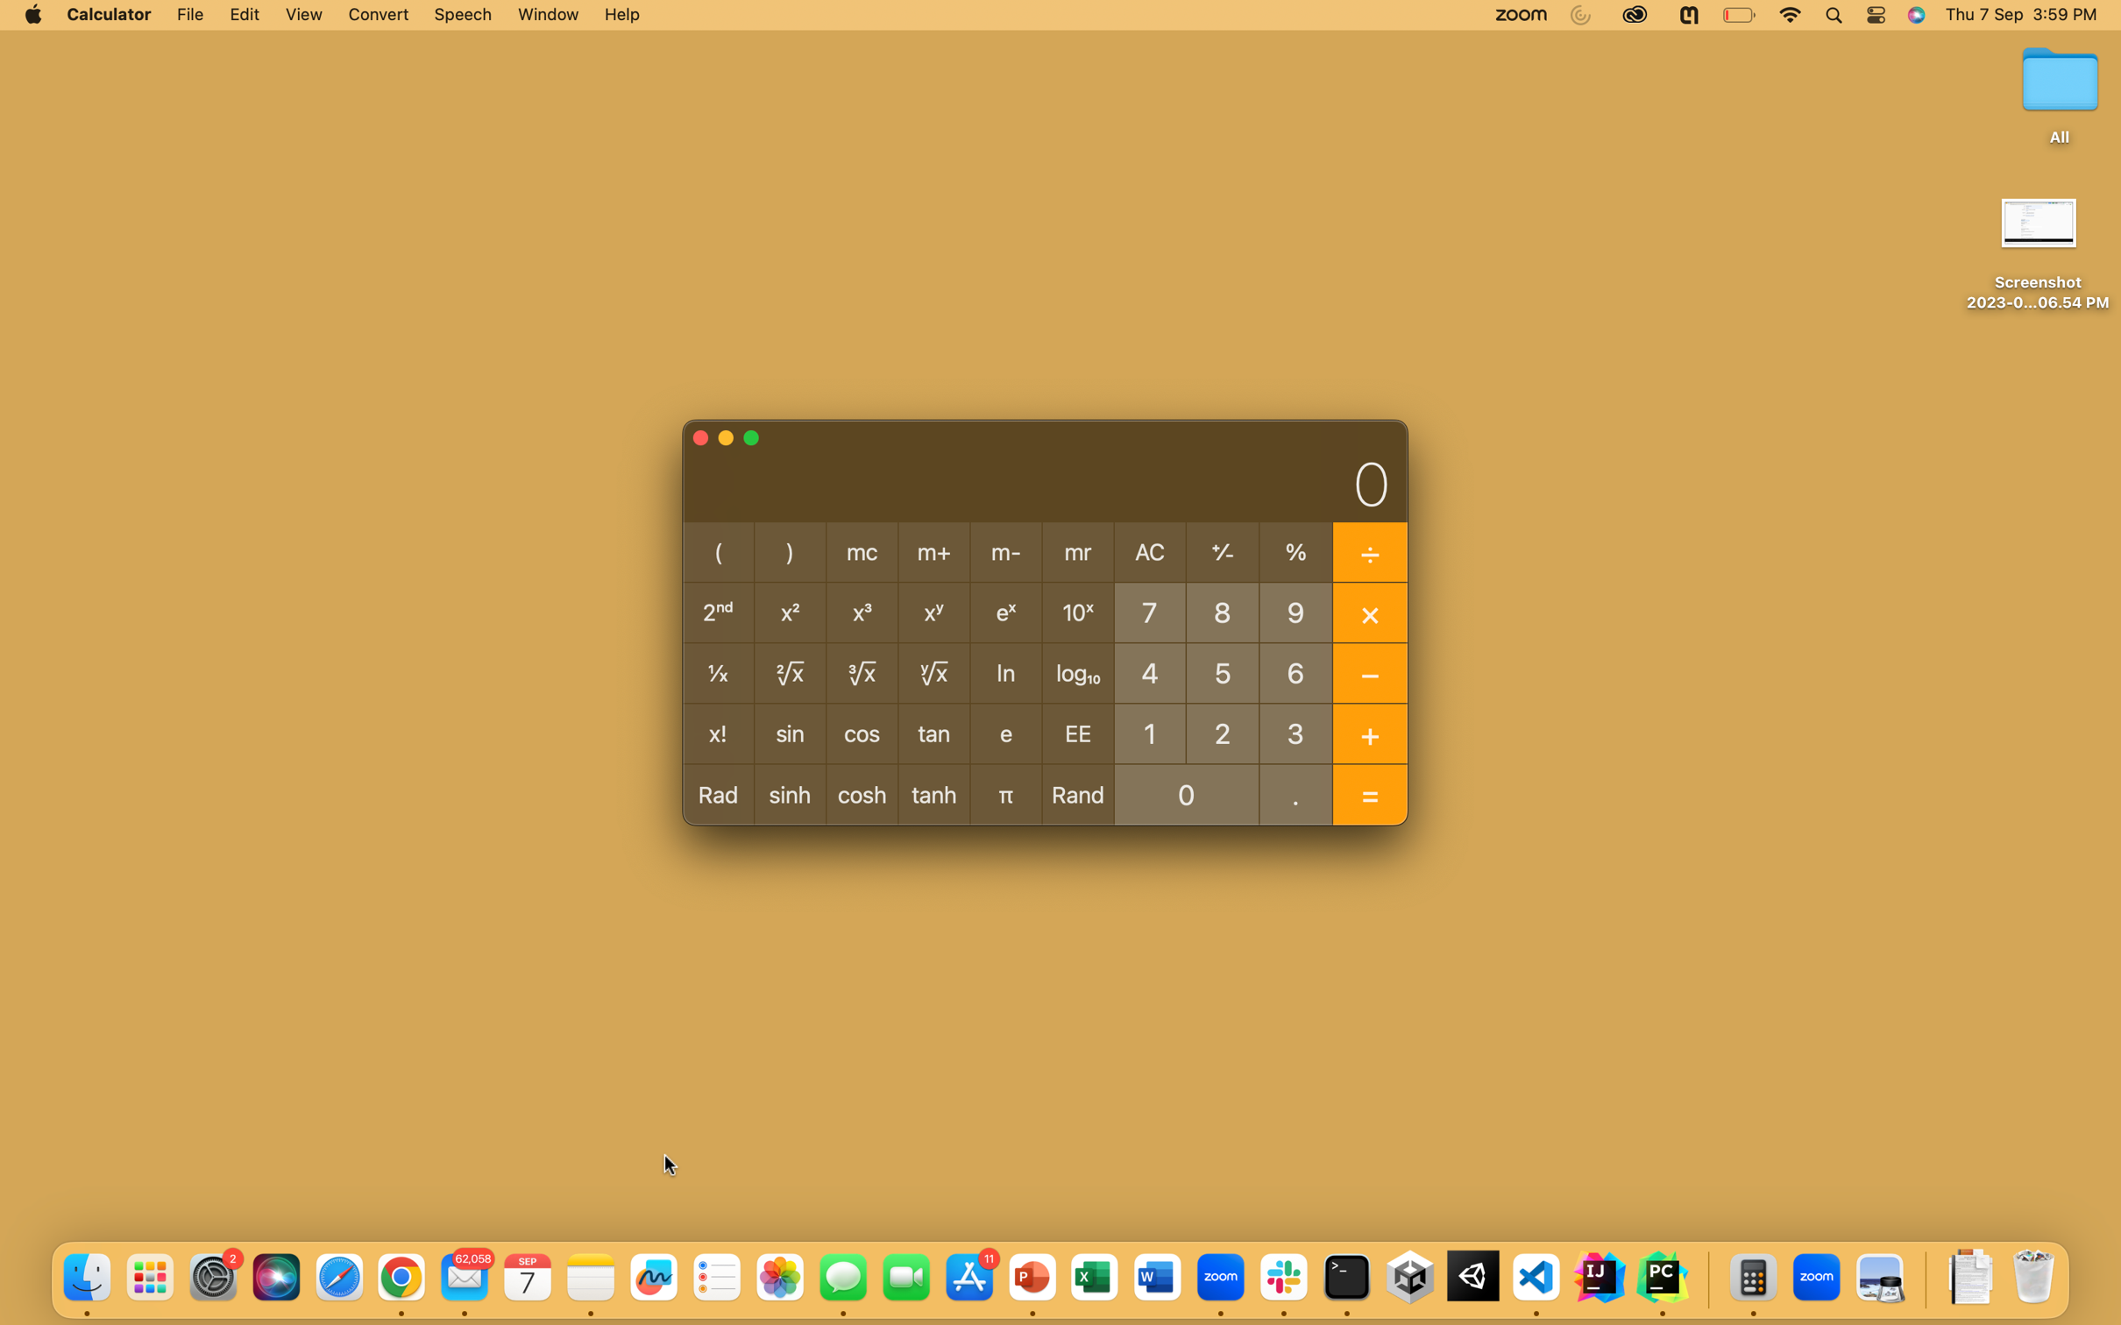  I want to click on Compute 5 percent from total of 20, so click(1223, 670).